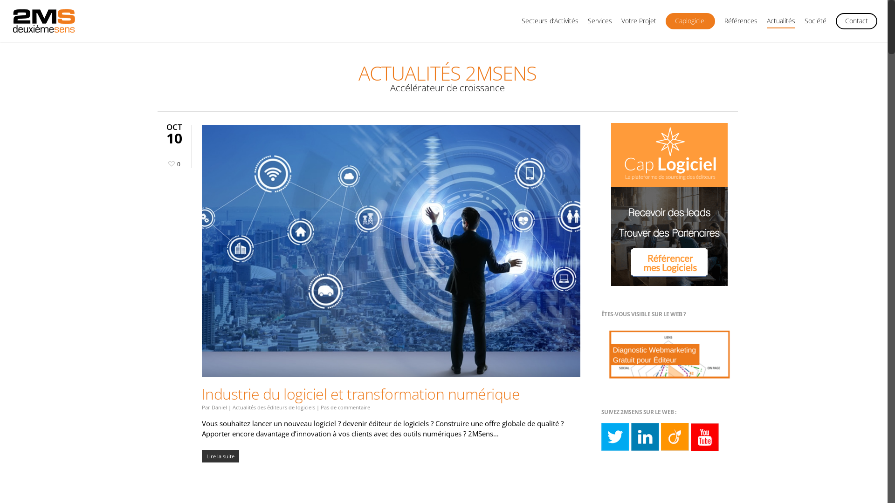  What do you see at coordinates (690, 25) in the screenshot?
I see `'Caplogiciel'` at bounding box center [690, 25].